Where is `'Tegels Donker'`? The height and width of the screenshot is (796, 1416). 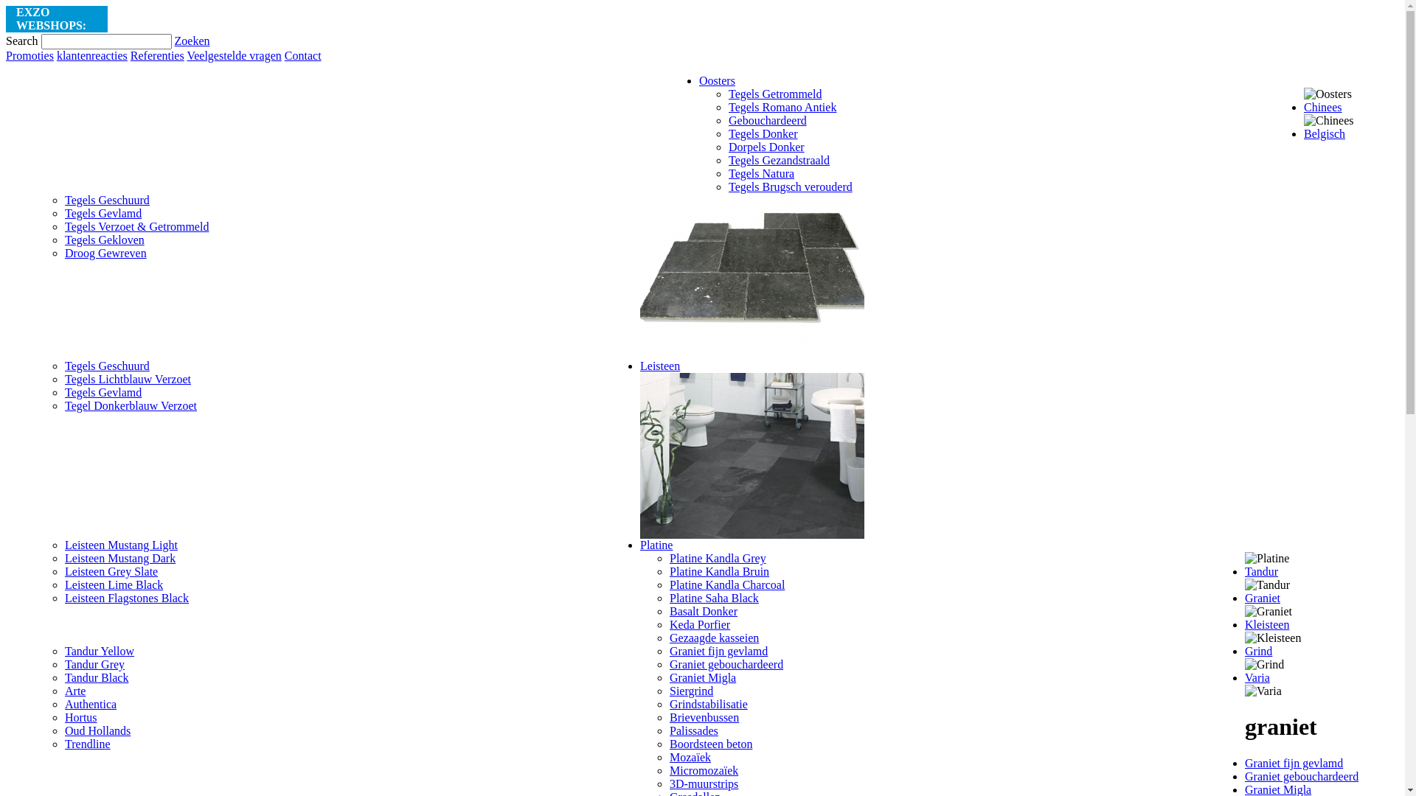
'Tegels Donker' is located at coordinates (763, 133).